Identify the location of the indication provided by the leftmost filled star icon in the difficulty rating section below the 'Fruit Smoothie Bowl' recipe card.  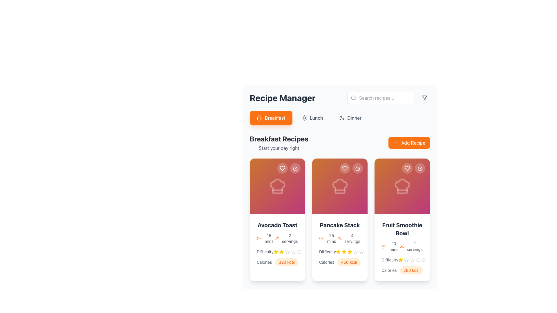
(400, 260).